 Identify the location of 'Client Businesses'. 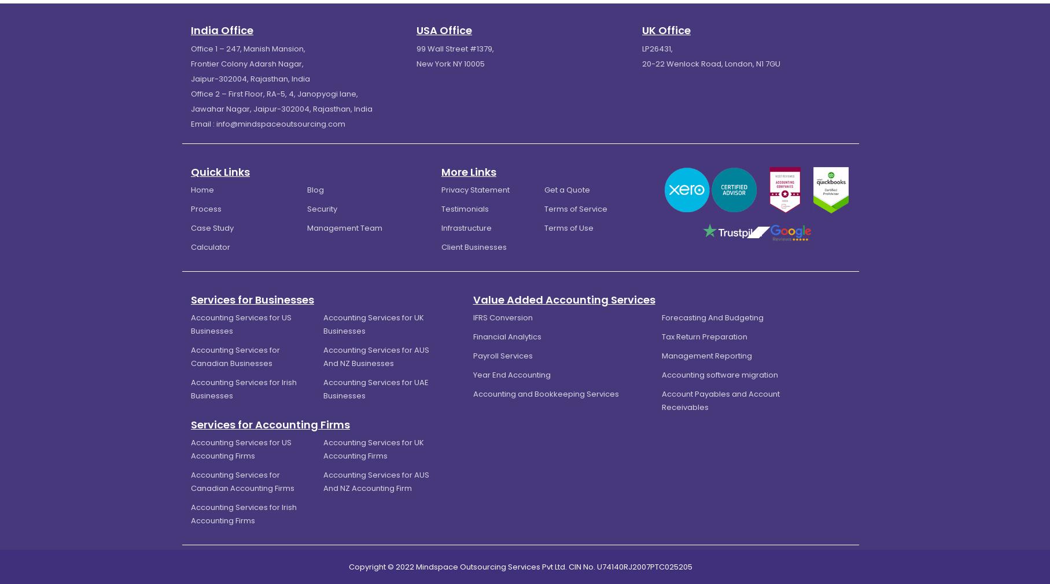
(473, 246).